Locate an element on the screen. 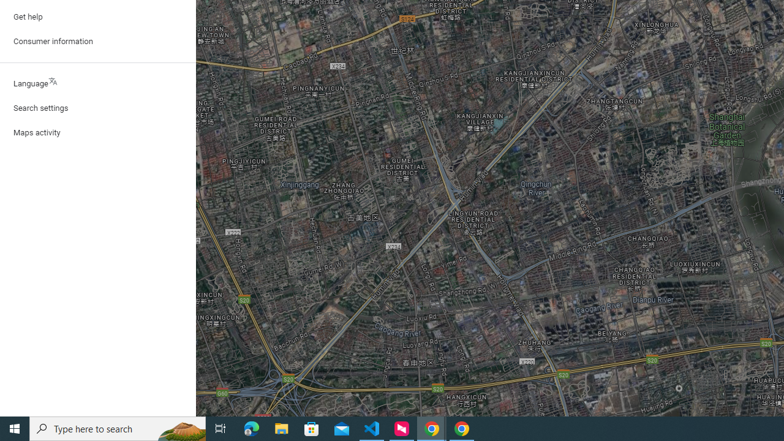 The height and width of the screenshot is (441, 784). 'Get help' is located at coordinates (98, 17).